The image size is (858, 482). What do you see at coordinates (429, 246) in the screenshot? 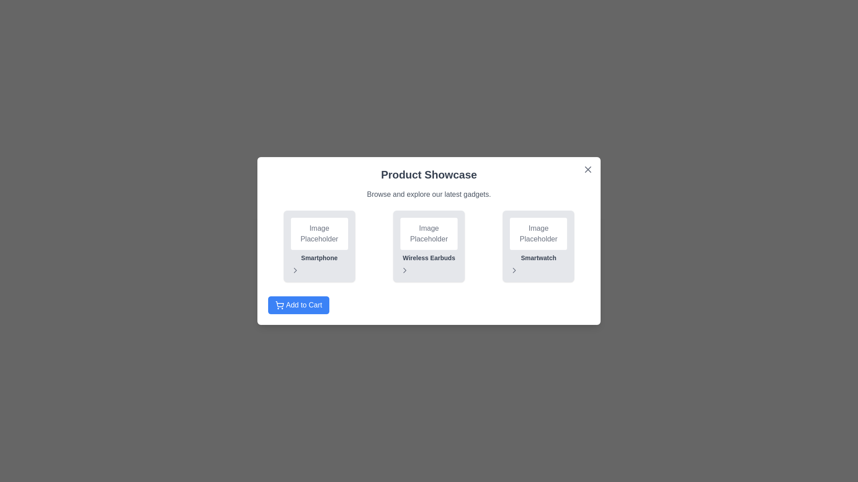
I see `the product card for 'Wireless Earbuds'` at bounding box center [429, 246].